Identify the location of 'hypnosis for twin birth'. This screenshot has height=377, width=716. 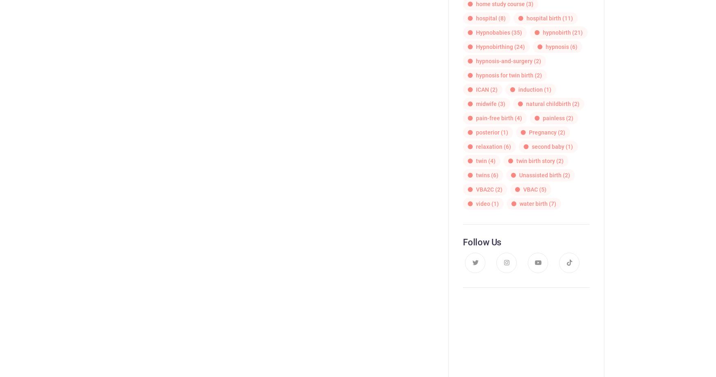
(504, 74).